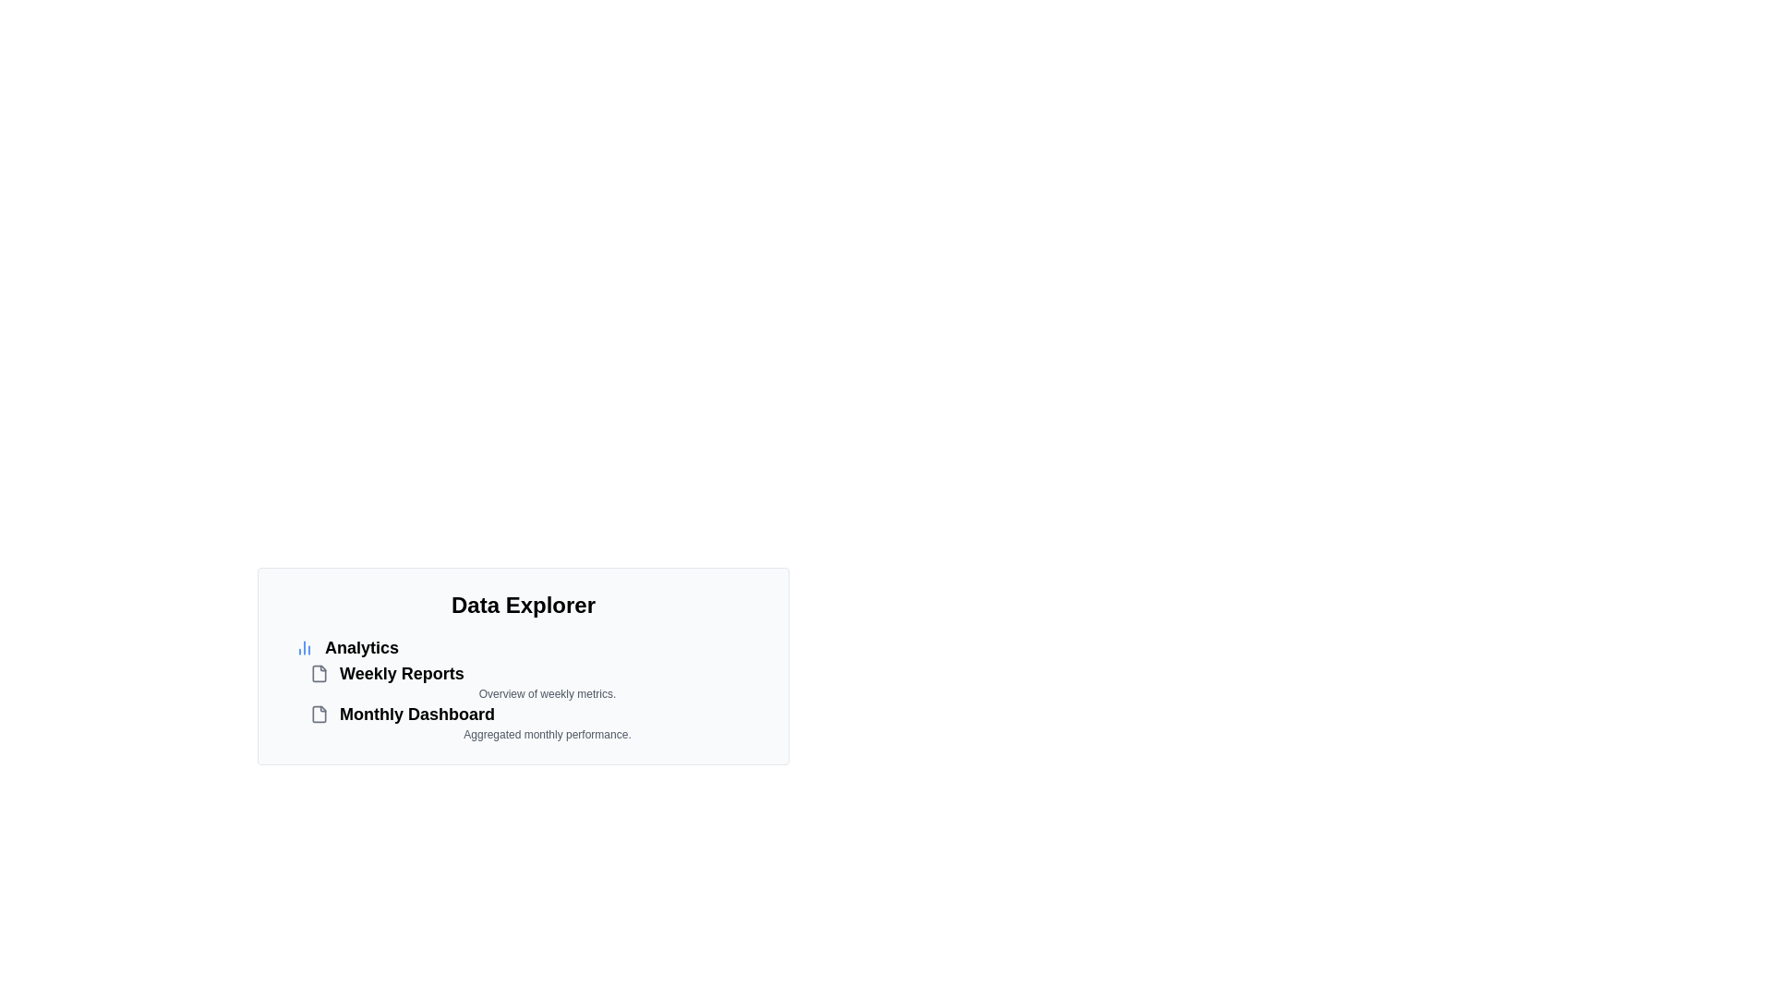 The height and width of the screenshot is (997, 1773). What do you see at coordinates (319, 714) in the screenshot?
I see `the document icon, which is a rounded rectangle-shaped outline located below the 'Weekly Reports' row and aligned with the 'Monthly Dashboard' text label` at bounding box center [319, 714].